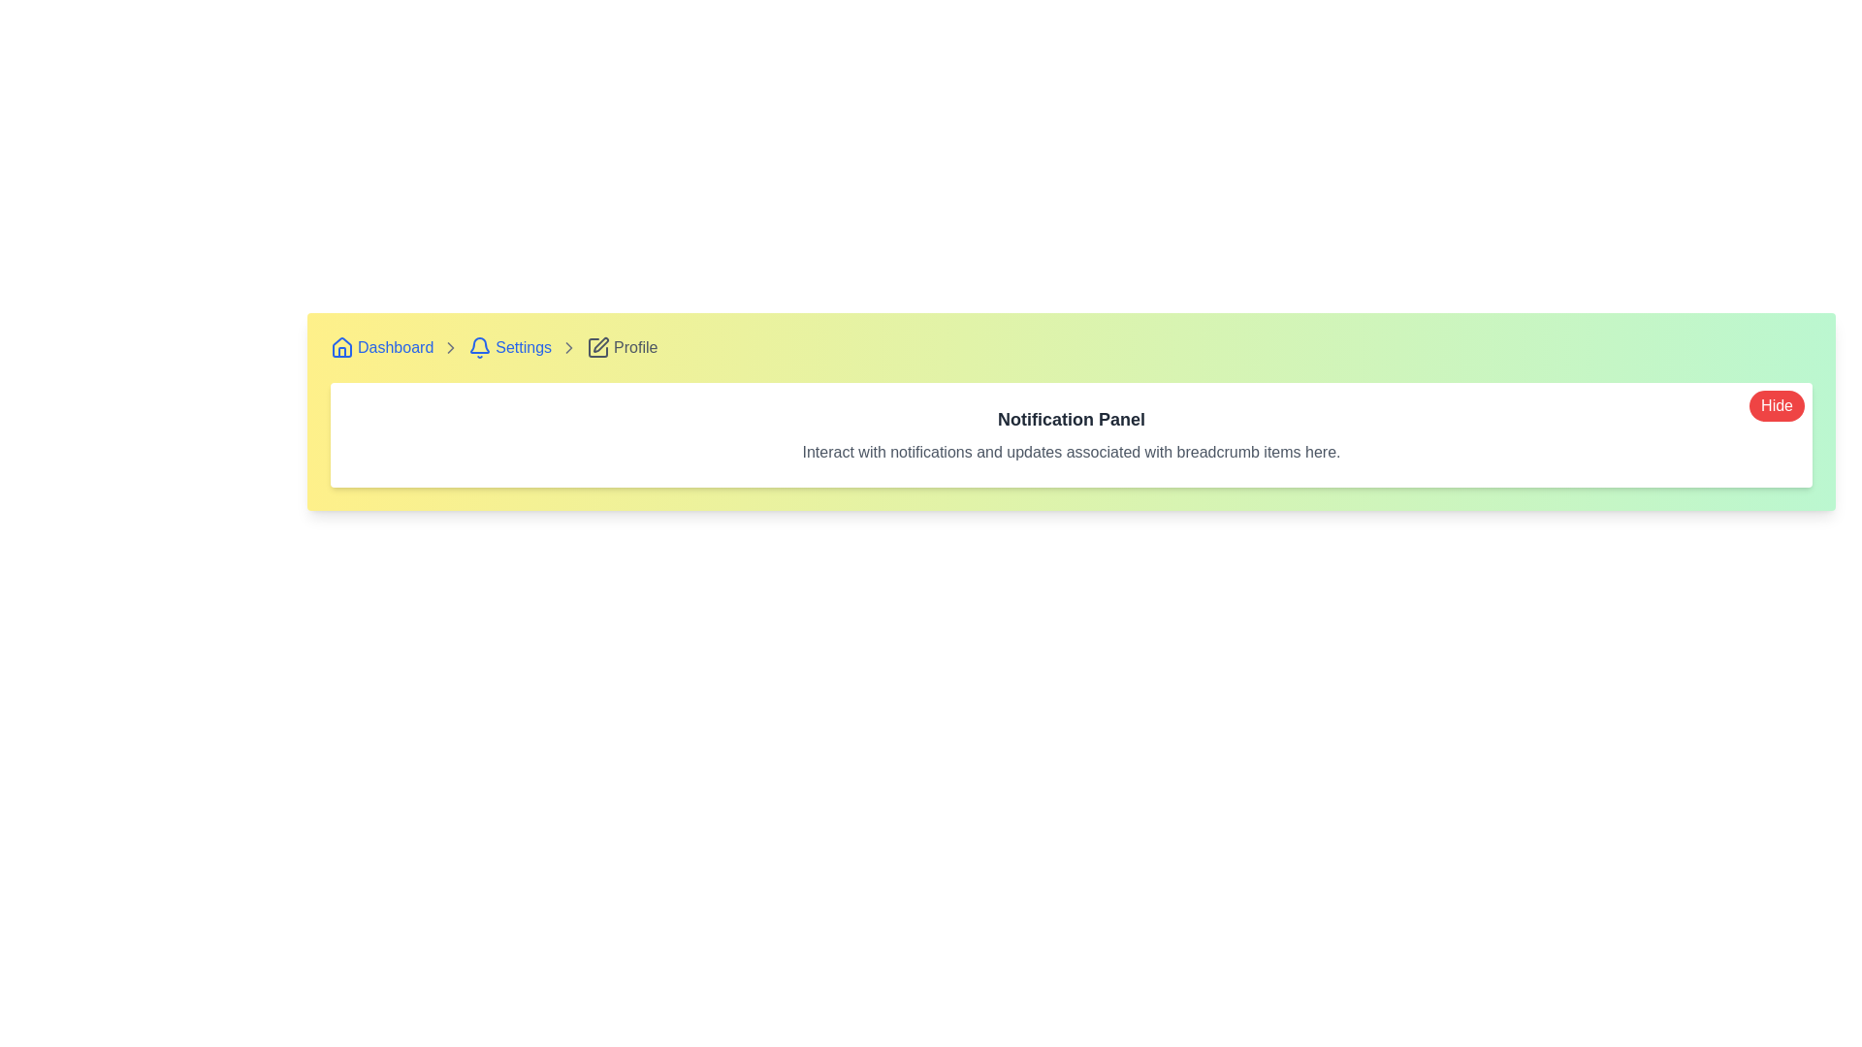 This screenshot has width=1862, height=1047. What do you see at coordinates (567, 346) in the screenshot?
I see `the navigation icon in the breadcrumb bar located between the 'Settings' and 'Profile' icons` at bounding box center [567, 346].